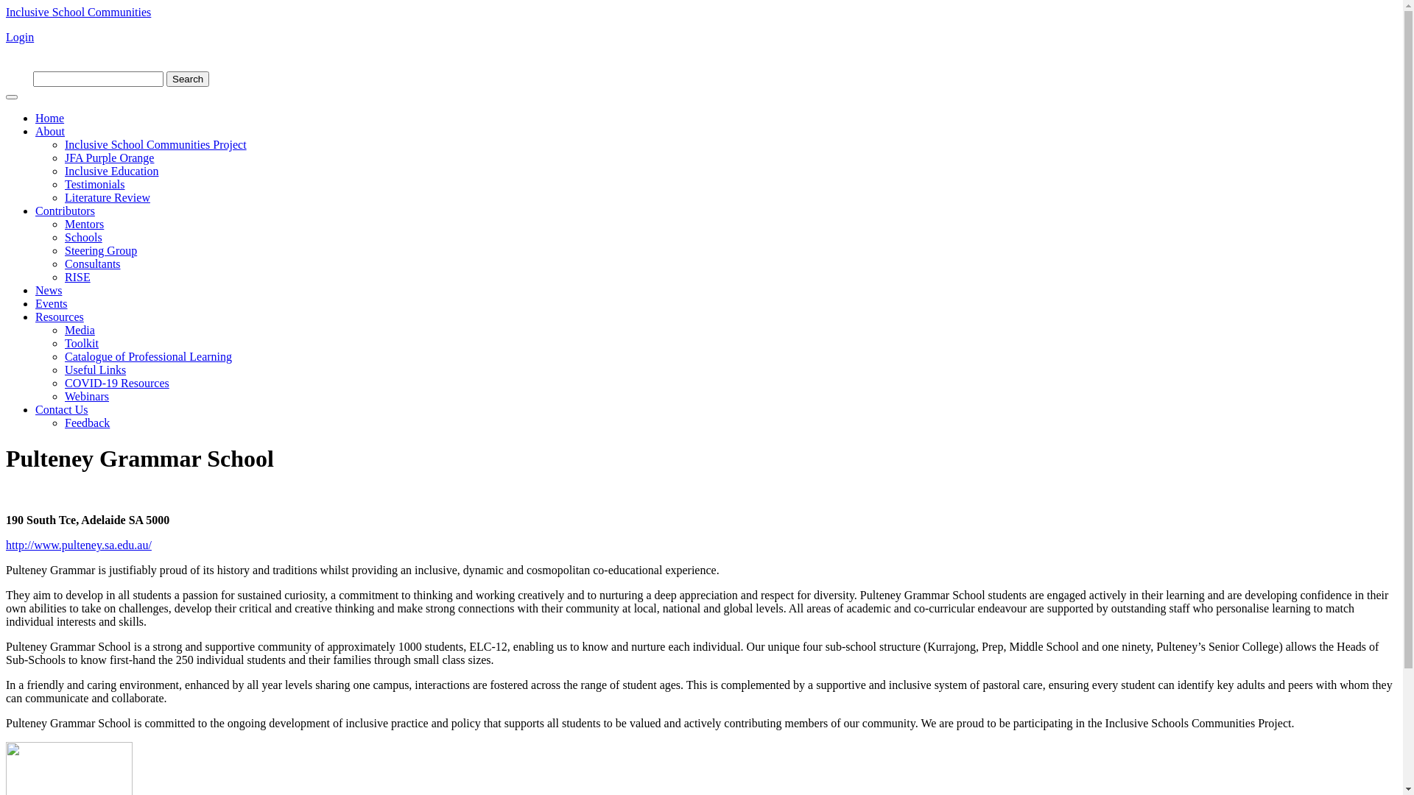  I want to click on 'Inclusive Education', so click(111, 170).